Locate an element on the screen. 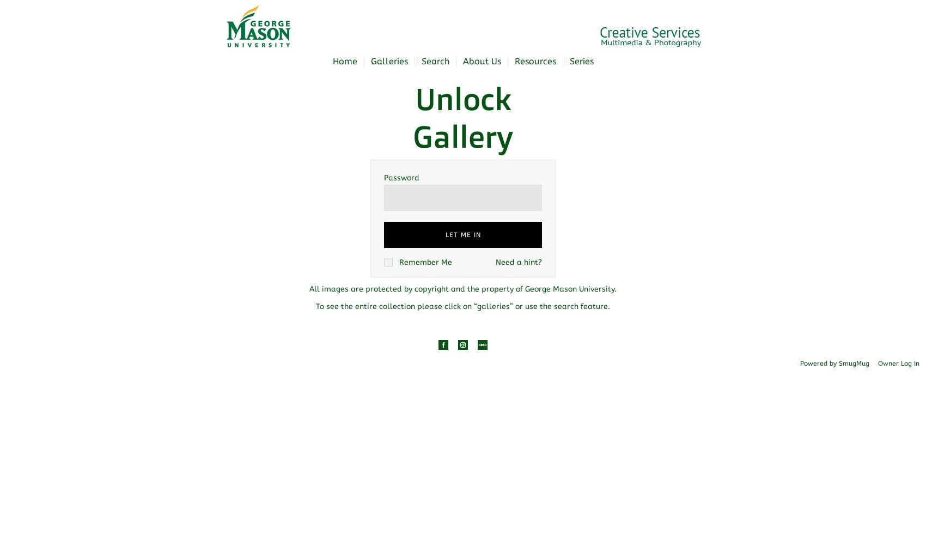  'Password' is located at coordinates (401, 177).